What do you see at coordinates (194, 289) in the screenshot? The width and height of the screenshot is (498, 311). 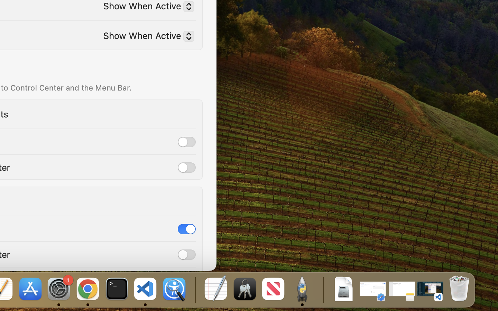 I see `'0.4285714328289032'` at bounding box center [194, 289].